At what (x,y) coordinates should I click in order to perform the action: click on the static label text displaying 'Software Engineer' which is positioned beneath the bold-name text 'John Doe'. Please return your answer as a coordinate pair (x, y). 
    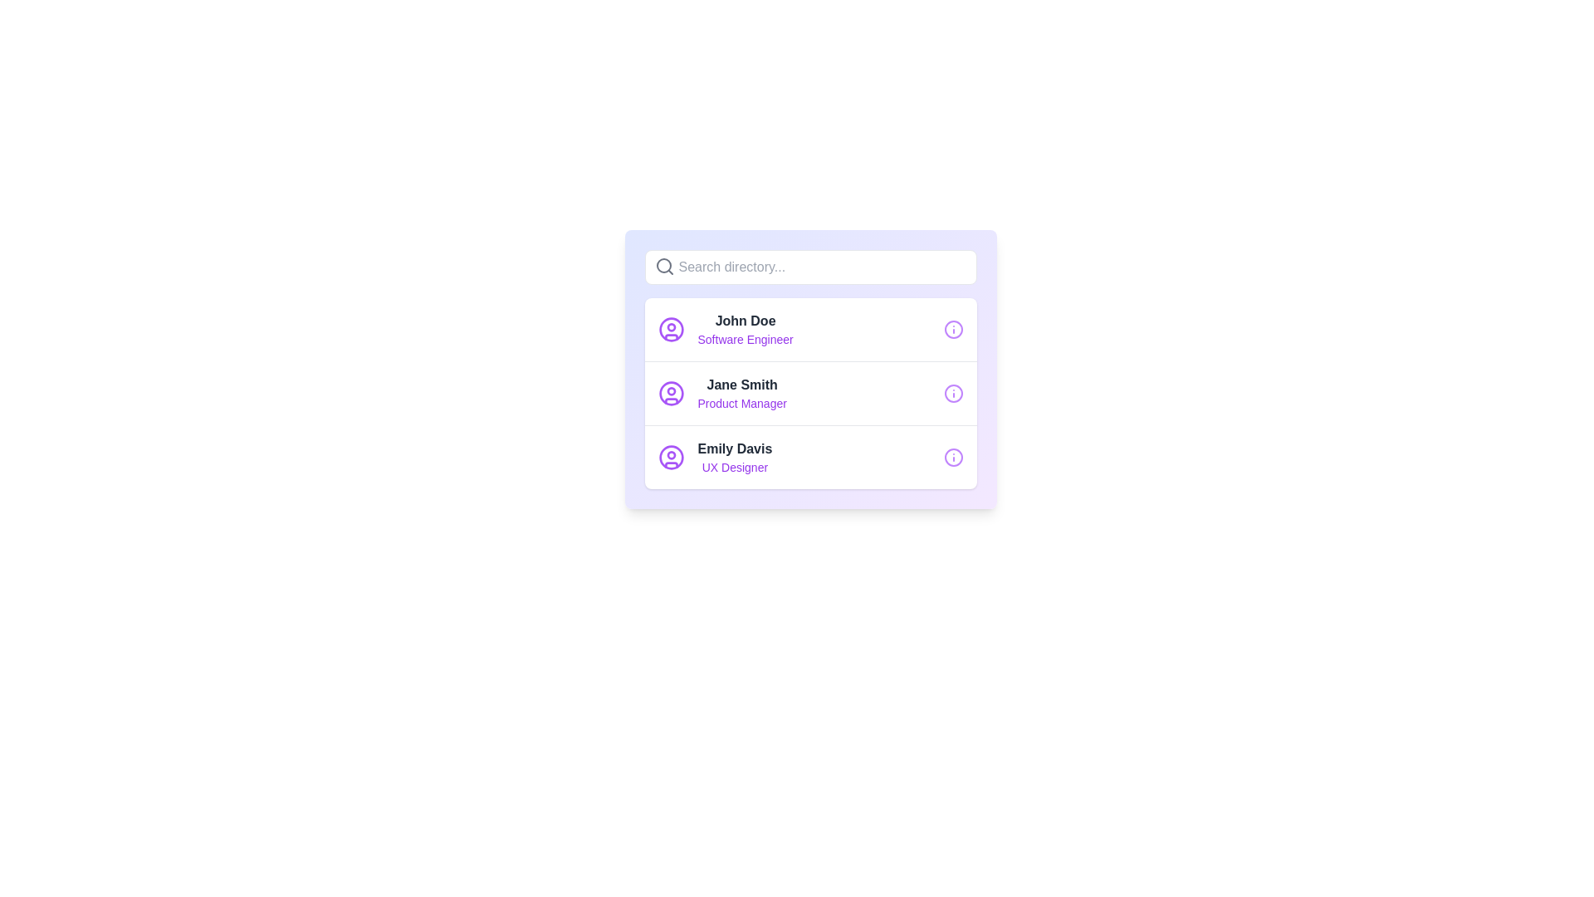
    Looking at the image, I should click on (745, 338).